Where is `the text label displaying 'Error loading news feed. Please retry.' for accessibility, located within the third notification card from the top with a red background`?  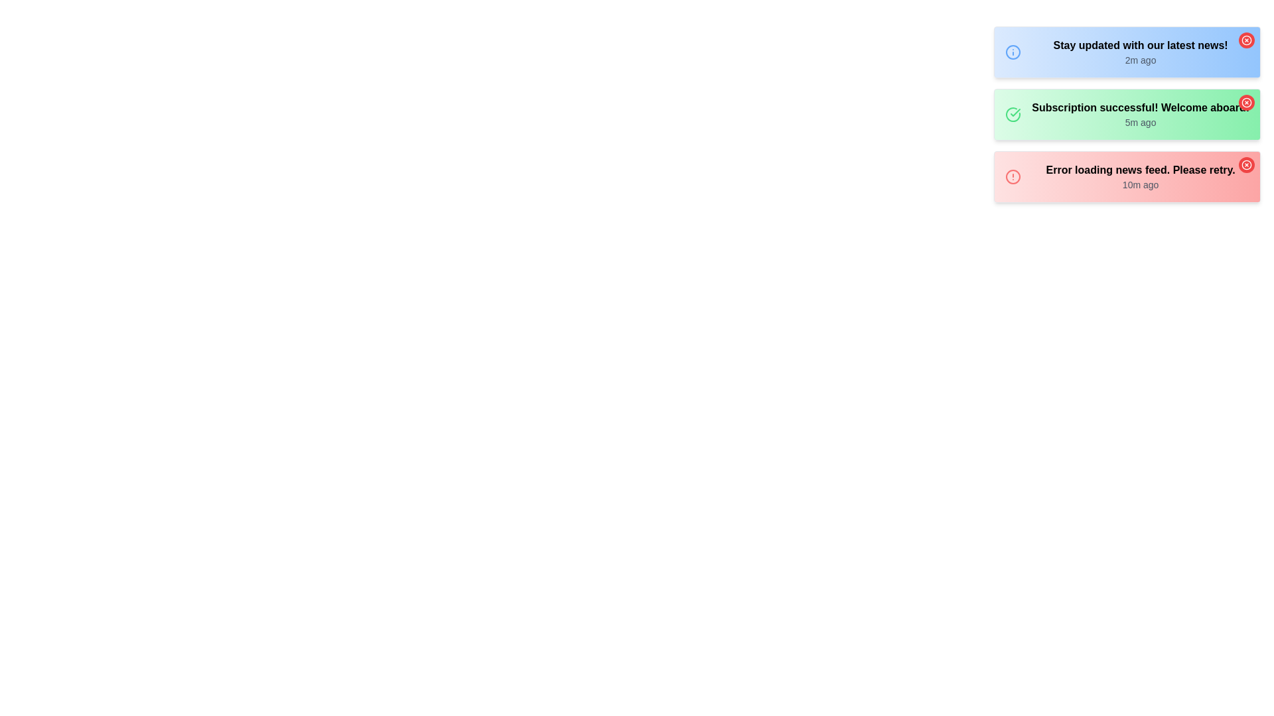
the text label displaying 'Error loading news feed. Please retry.' for accessibility, located within the third notification card from the top with a red background is located at coordinates (1140, 170).